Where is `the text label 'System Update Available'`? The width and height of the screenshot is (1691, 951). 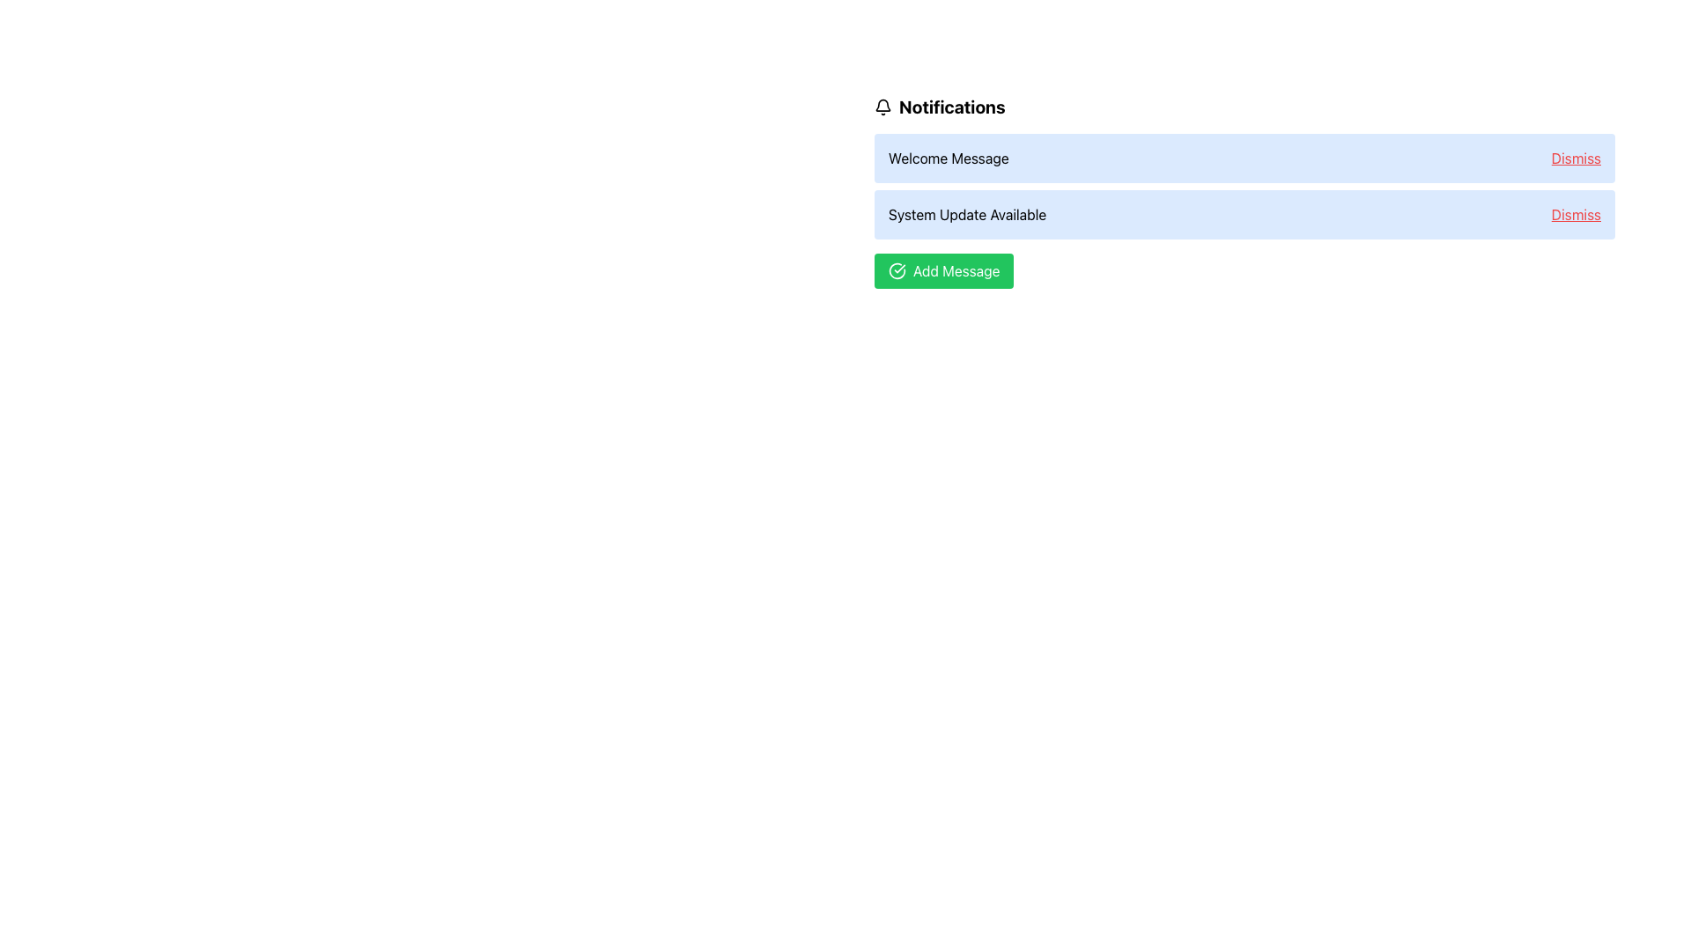
the text label 'System Update Available' is located at coordinates (966, 213).